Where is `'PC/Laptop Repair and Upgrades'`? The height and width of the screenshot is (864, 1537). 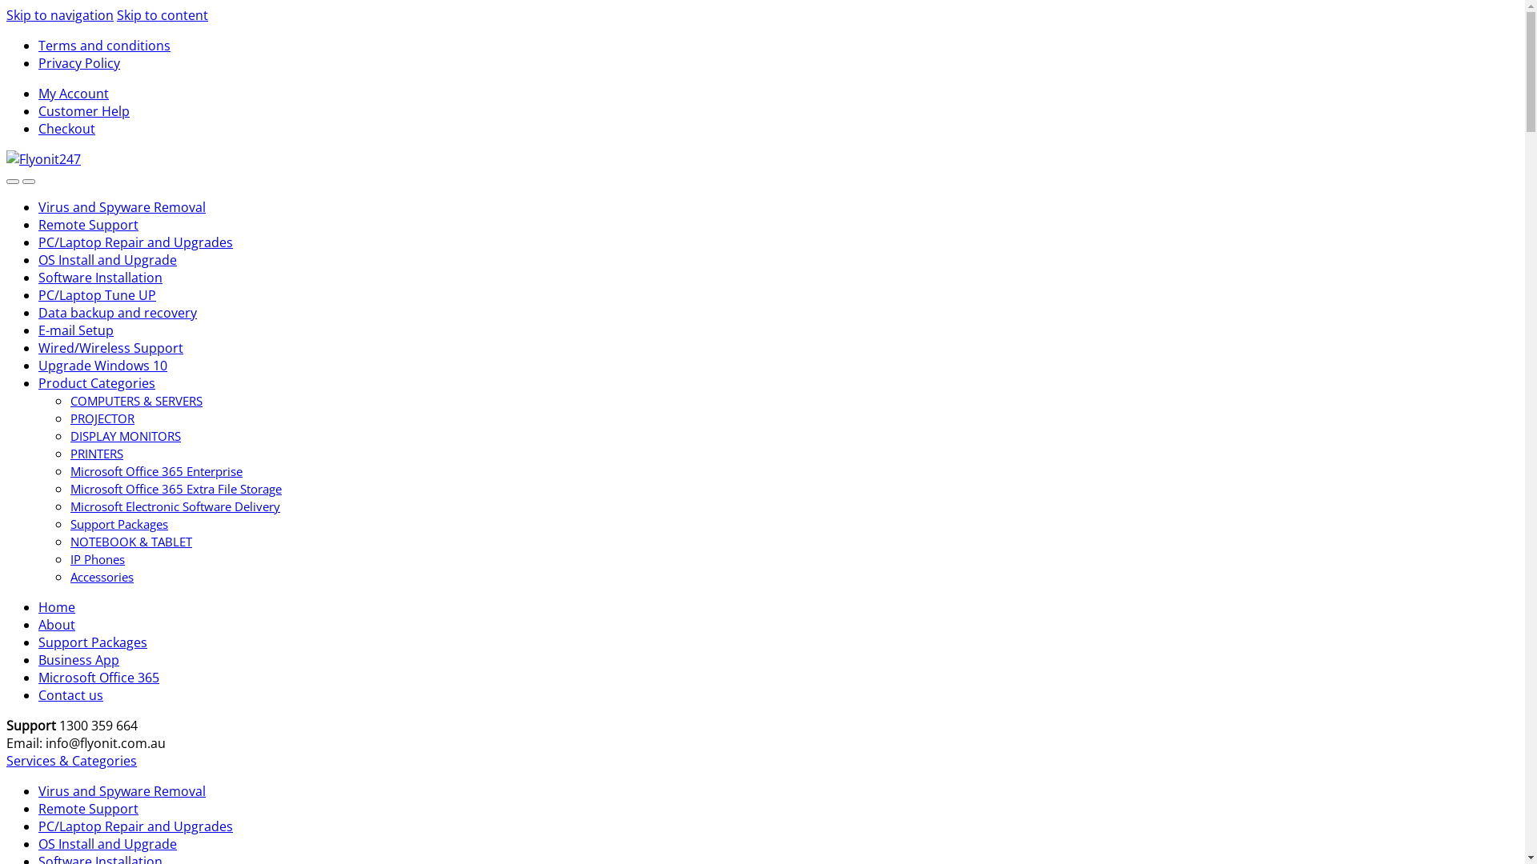 'PC/Laptop Repair and Upgrades' is located at coordinates (135, 826).